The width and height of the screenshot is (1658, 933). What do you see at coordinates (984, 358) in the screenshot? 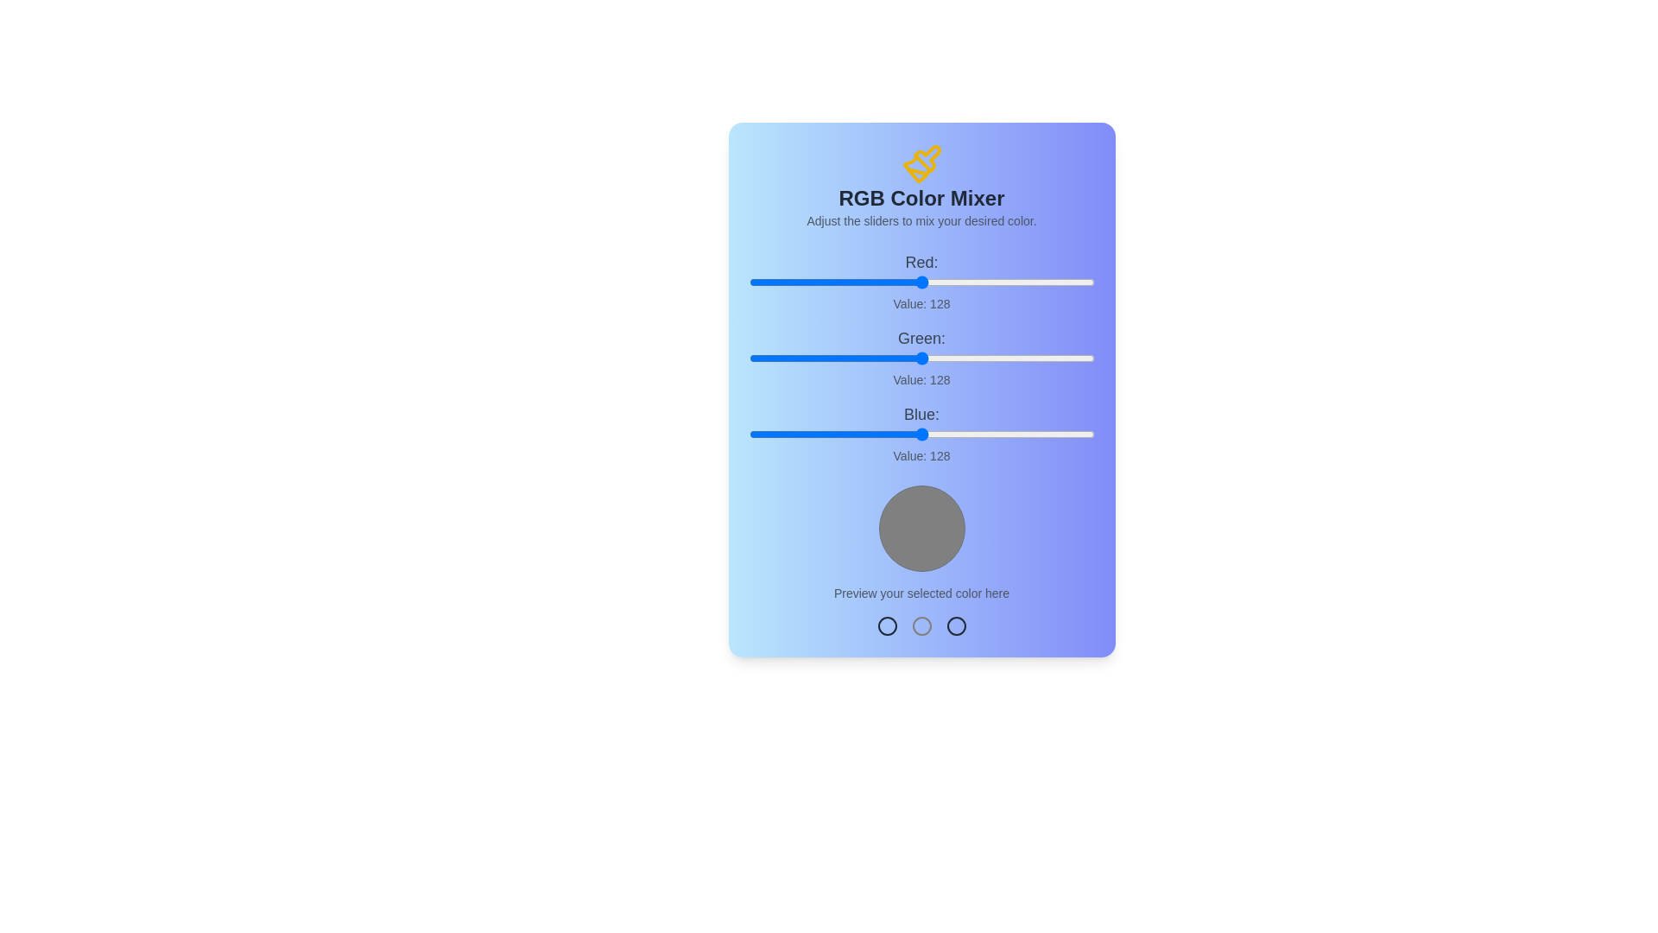
I see `the green slider to set the green value to 174` at bounding box center [984, 358].